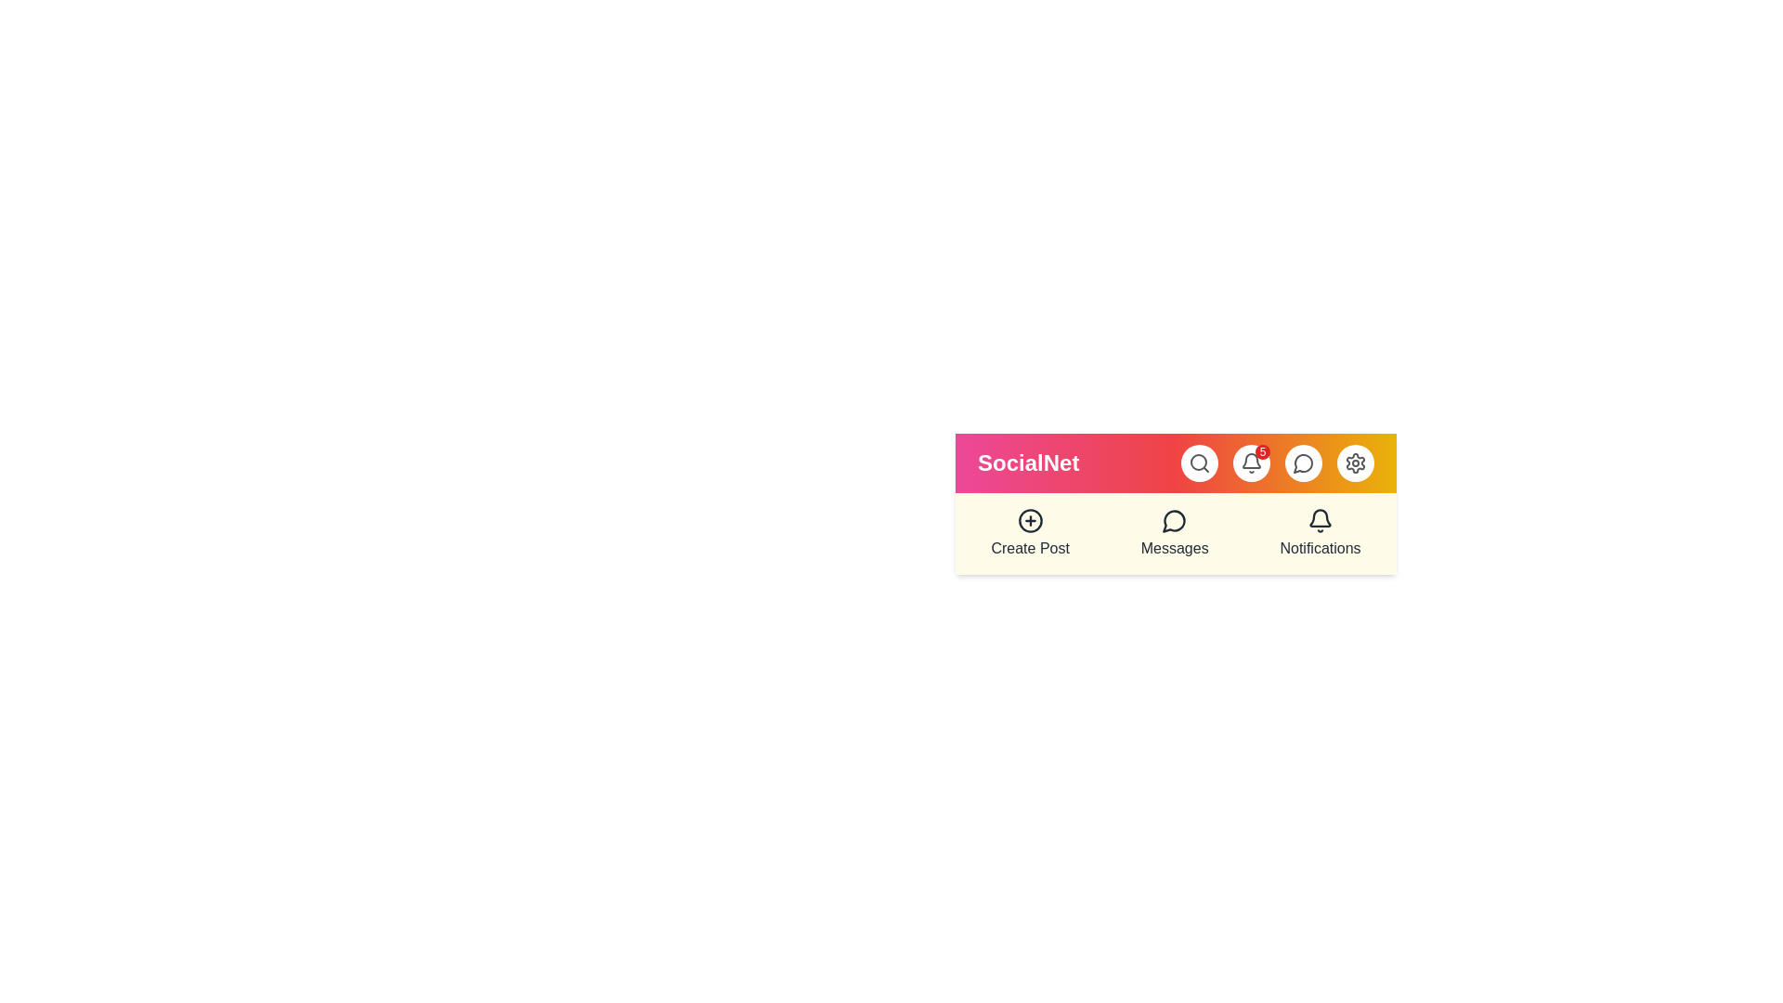 This screenshot has height=1003, width=1783. Describe the element at coordinates (1028, 533) in the screenshot. I see `the 'Create Post' button` at that location.